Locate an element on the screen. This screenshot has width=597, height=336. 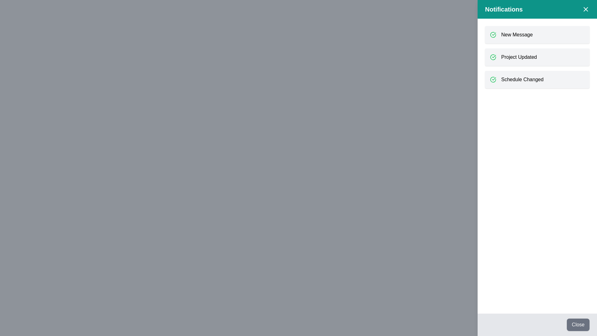
notification content of the second entry in the Notifications panel, which indicates that a project has been updated is located at coordinates (537, 57).